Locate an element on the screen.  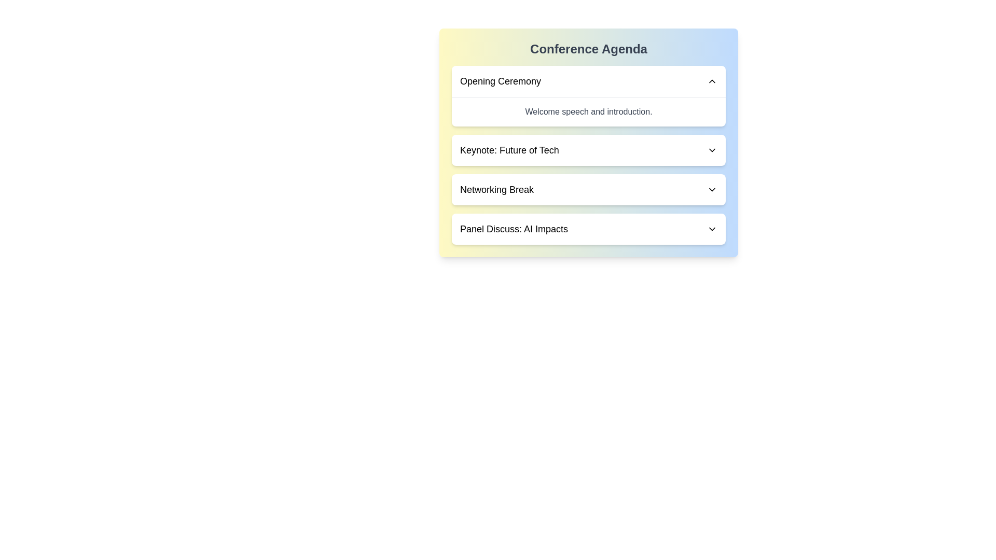
the agenda item title corresponding to Keynote: Future of Tech is located at coordinates (509, 150).